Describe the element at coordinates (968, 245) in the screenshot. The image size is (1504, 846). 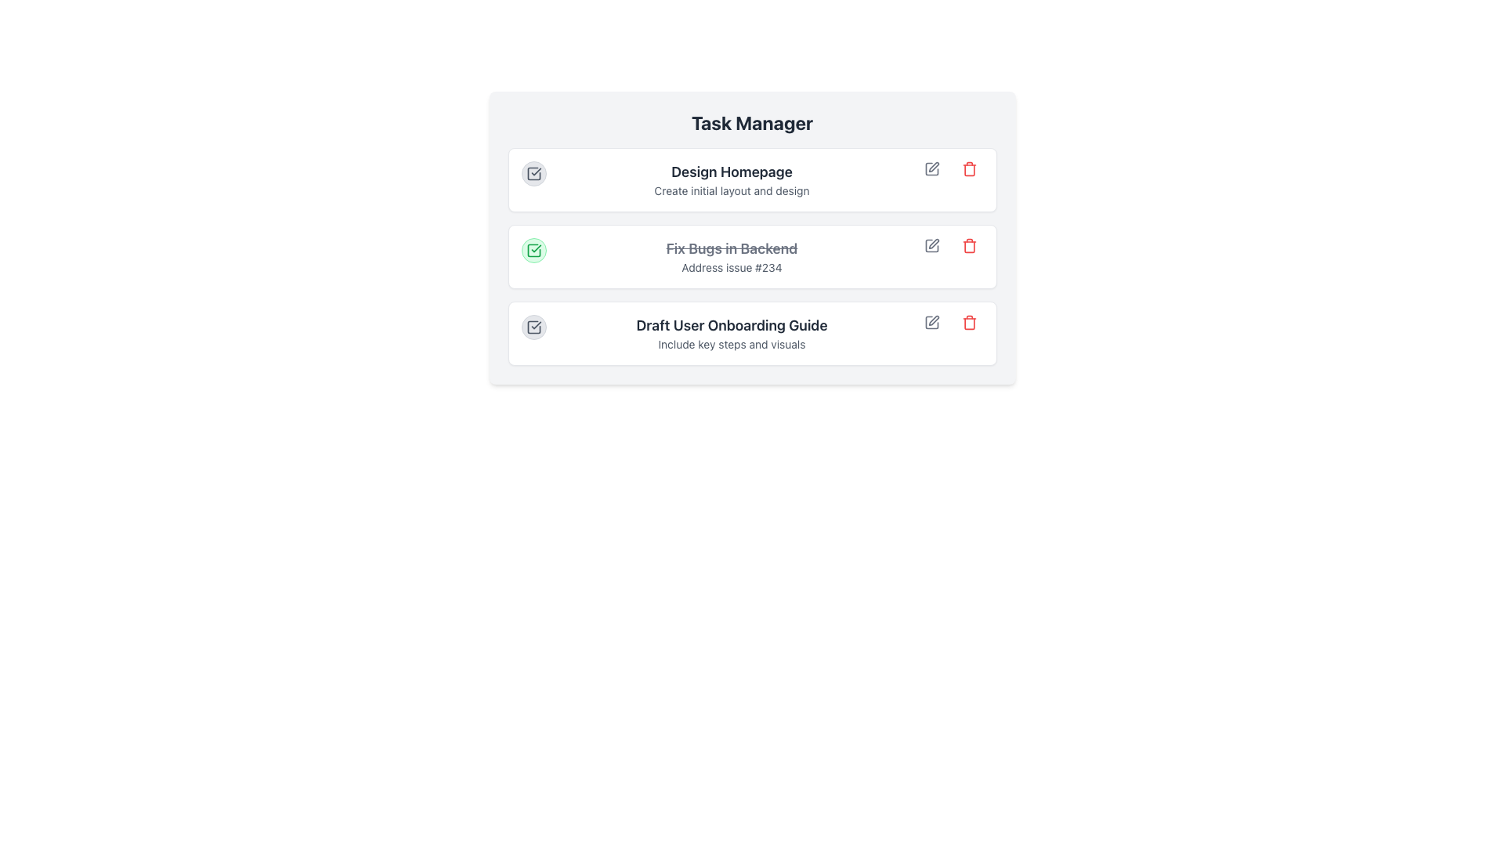
I see `the trash icon located to the extreme right of the second task card titled 'Fix Bugs in Backend' in the Task Manager interface` at that location.